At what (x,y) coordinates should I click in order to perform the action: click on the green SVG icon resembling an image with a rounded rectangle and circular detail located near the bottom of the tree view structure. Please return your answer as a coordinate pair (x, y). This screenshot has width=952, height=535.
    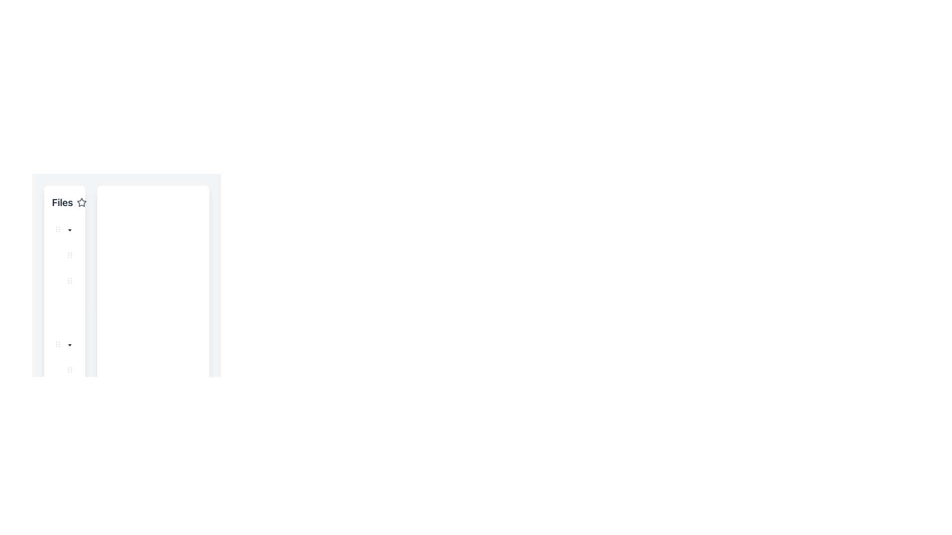
    Looking at the image, I should click on (117, 368).